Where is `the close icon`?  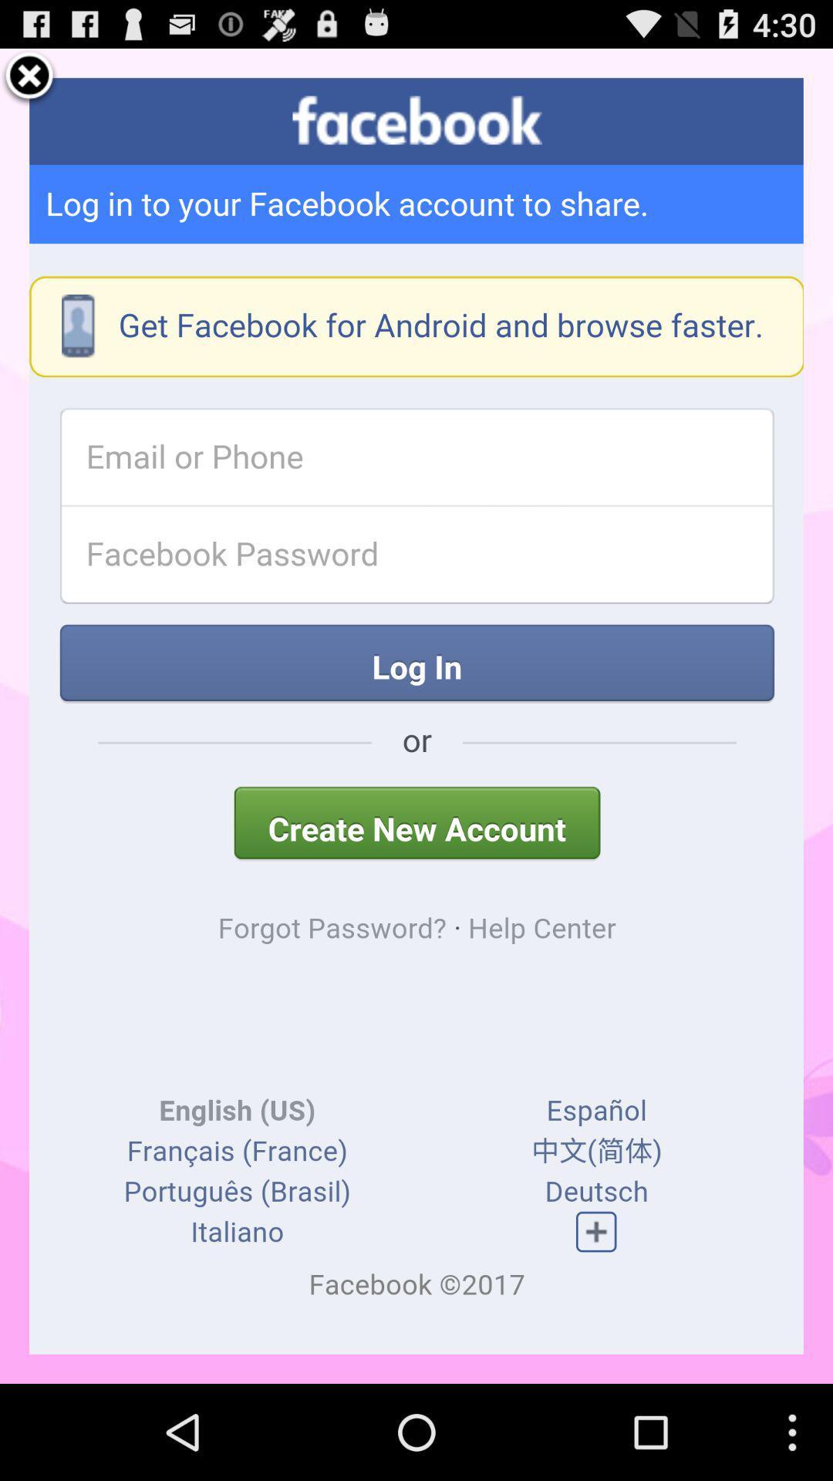 the close icon is located at coordinates (29, 83).